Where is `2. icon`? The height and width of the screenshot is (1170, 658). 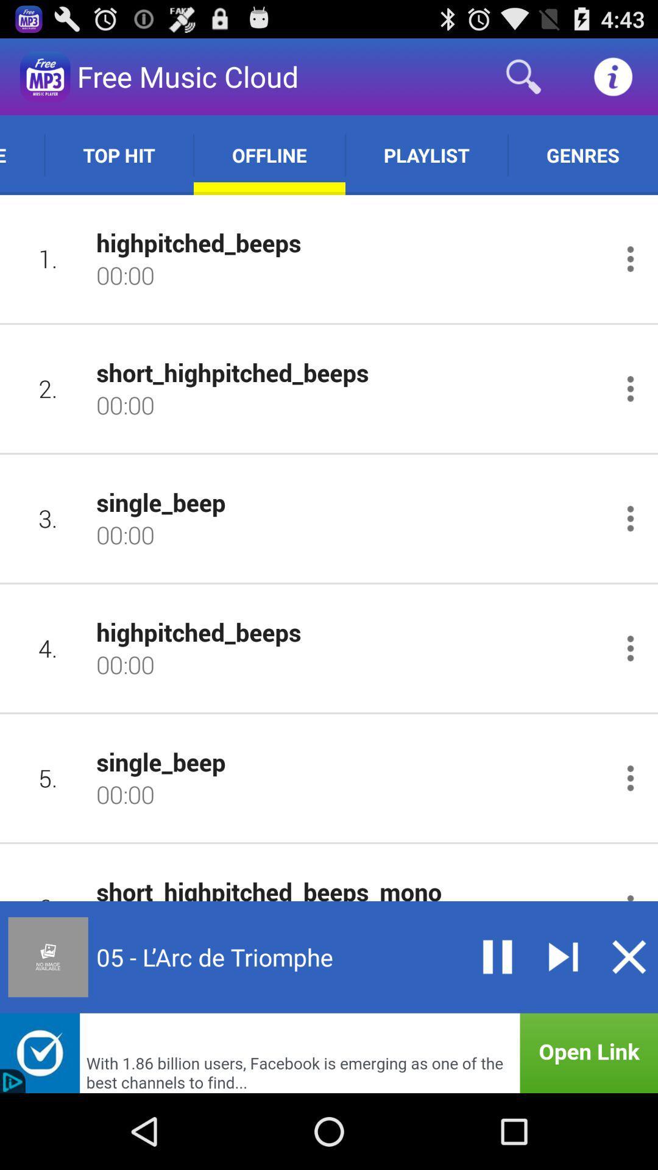 2. icon is located at coordinates (48, 388).